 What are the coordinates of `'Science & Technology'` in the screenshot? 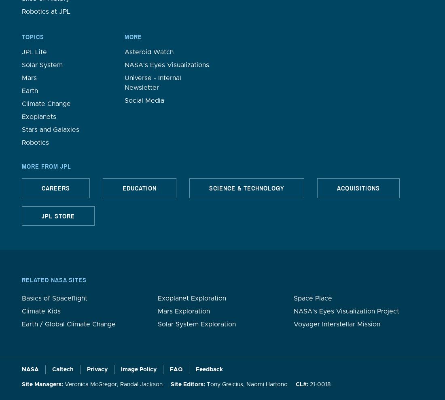 It's located at (246, 188).